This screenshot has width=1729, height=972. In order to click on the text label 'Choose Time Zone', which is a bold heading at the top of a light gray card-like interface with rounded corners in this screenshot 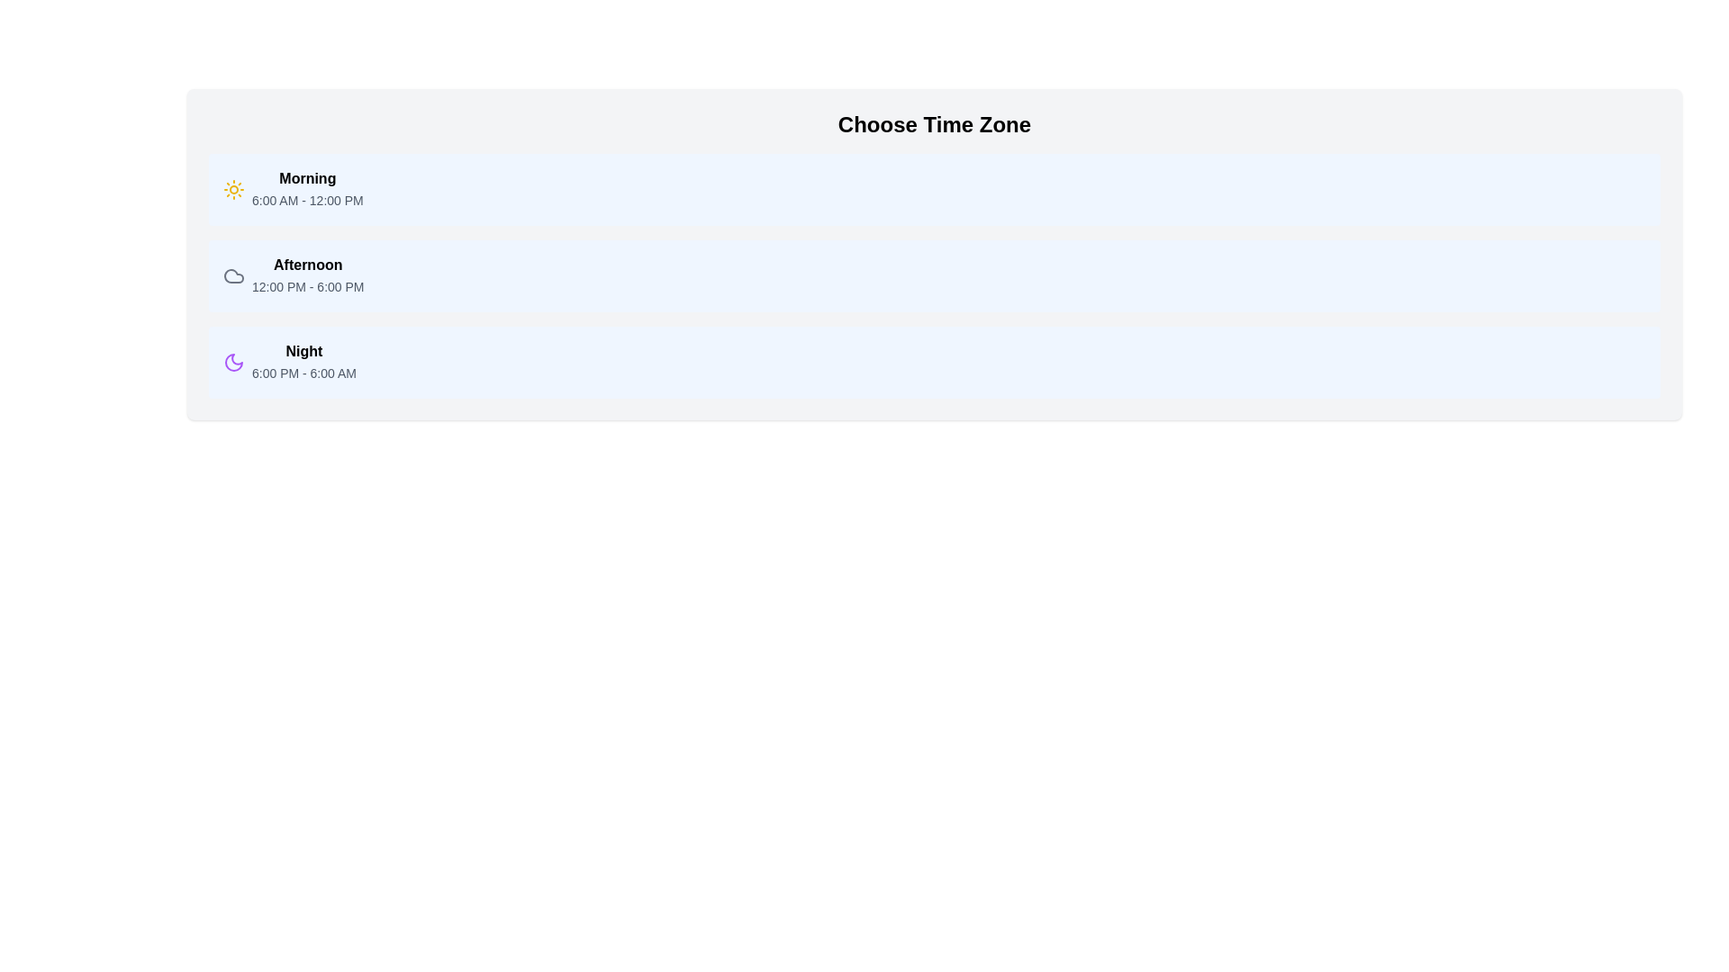, I will do `click(934, 123)`.